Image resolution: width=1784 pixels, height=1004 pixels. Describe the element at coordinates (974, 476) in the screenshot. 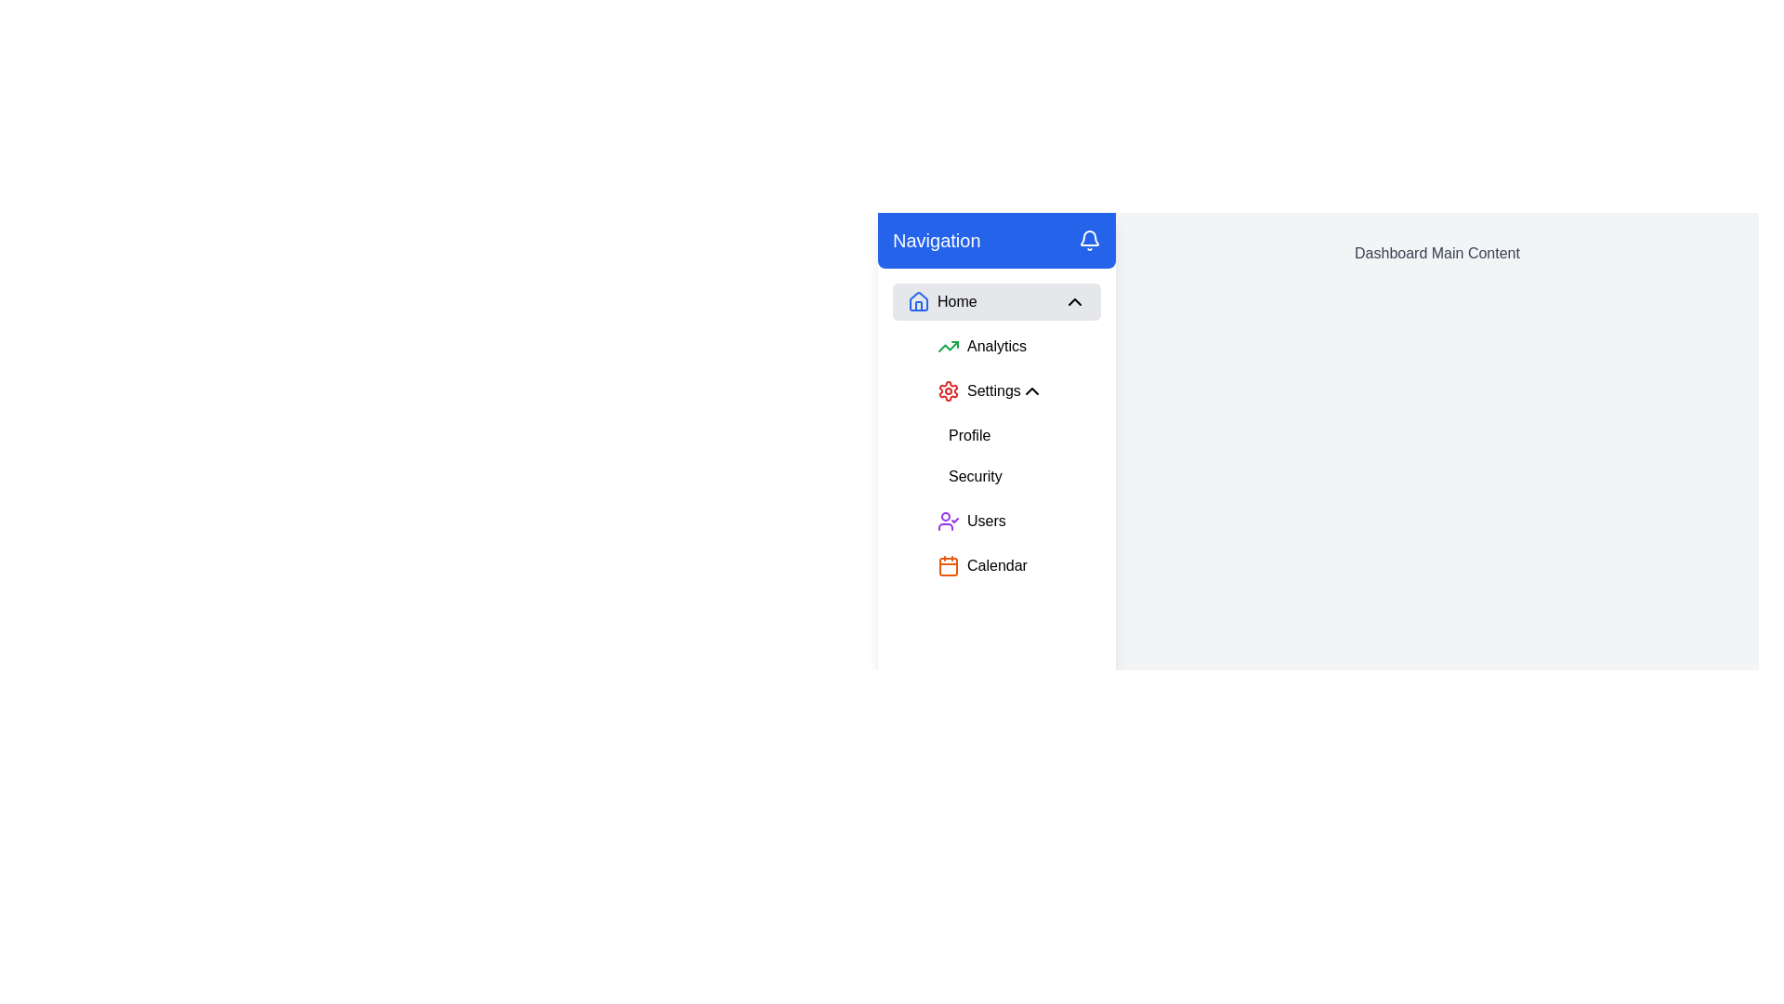

I see `the 'Security' button located in the Profile section of the vertical navigation panel` at that location.